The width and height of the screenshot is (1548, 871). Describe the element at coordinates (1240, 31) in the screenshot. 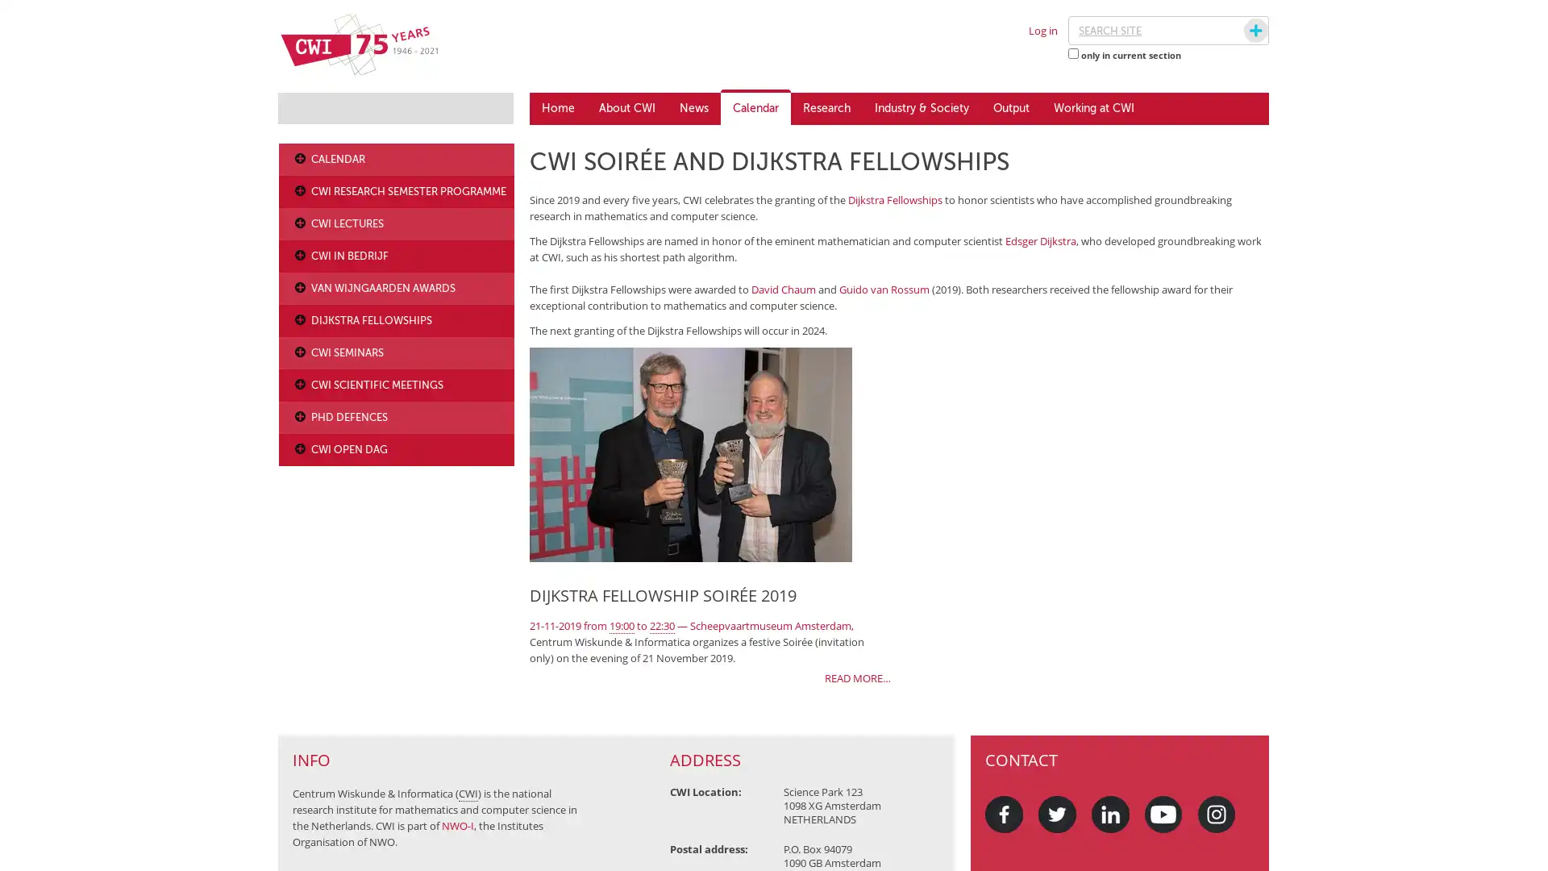

I see `Search` at that location.